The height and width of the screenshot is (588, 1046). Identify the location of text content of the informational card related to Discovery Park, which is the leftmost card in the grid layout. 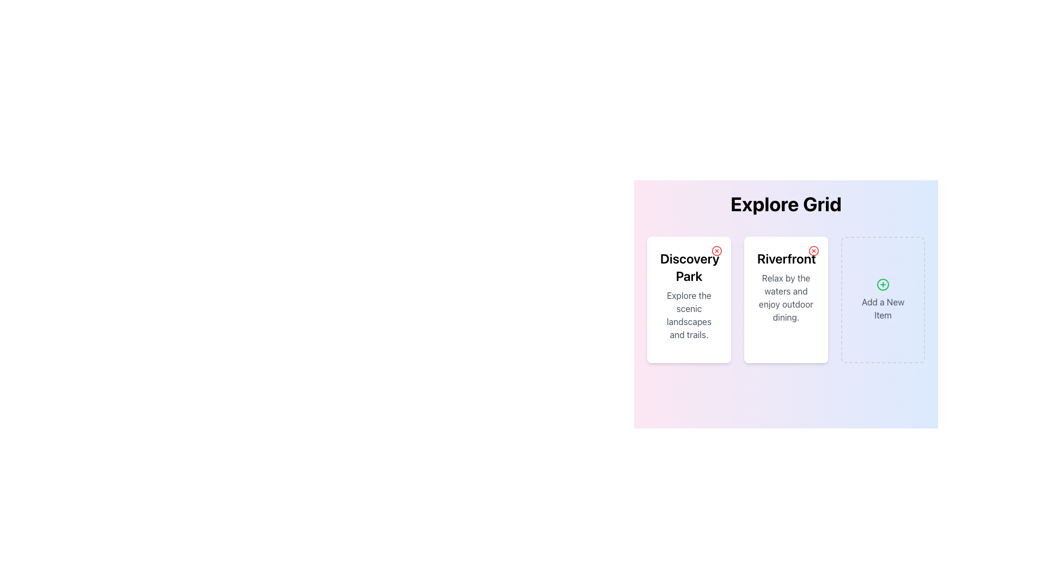
(689, 300).